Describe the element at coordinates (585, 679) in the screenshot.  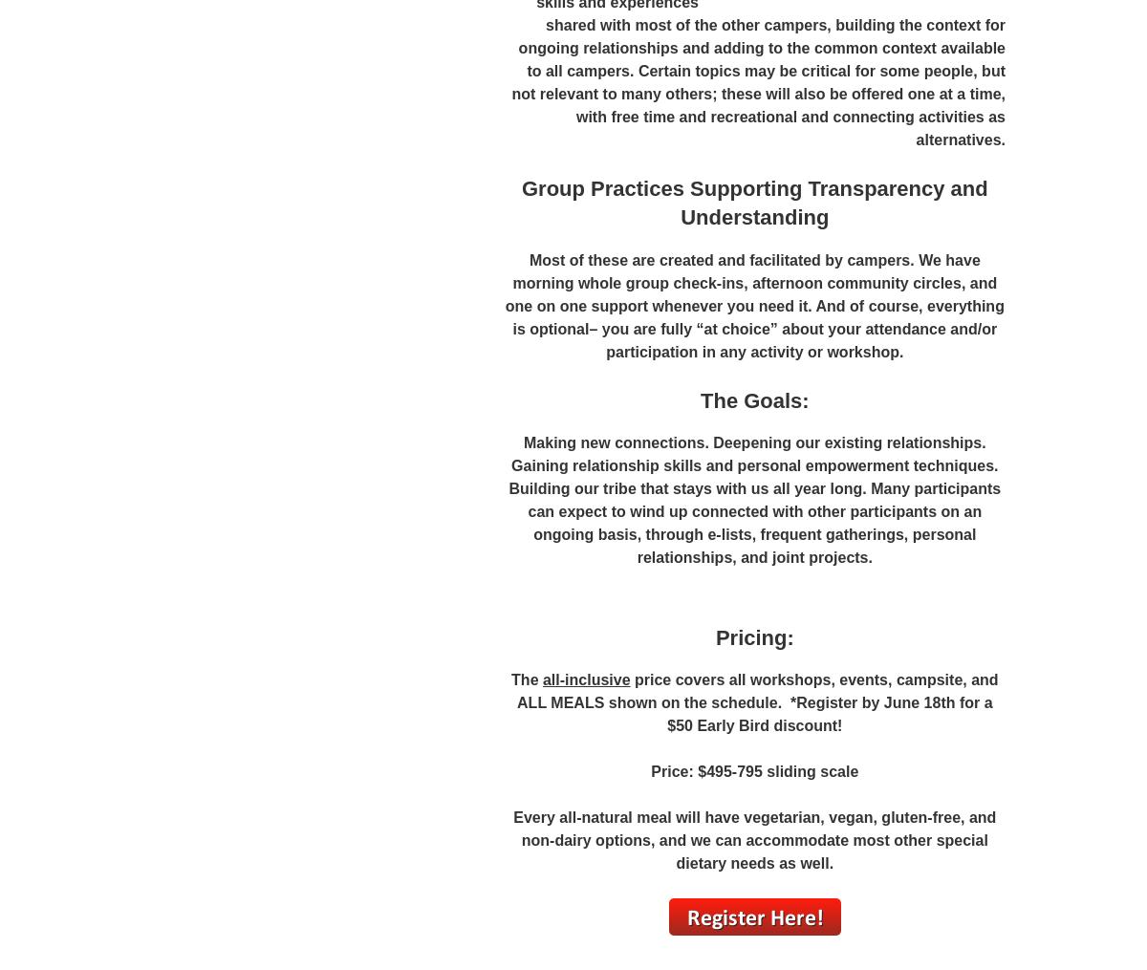
I see `'all-inclusive'` at that location.